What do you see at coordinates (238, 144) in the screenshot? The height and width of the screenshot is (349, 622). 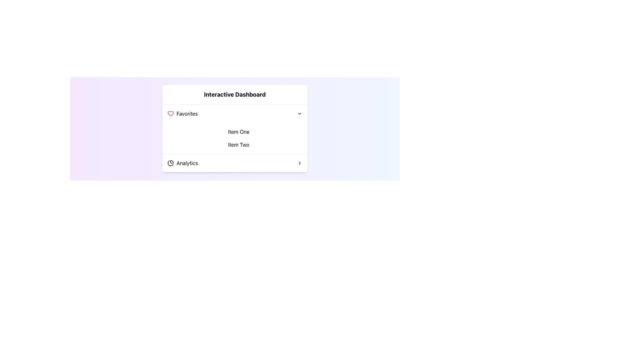 I see `the second navigational item in the 'Favorites' menu, labeled 'Item Two', to trigger a styling effect` at bounding box center [238, 144].